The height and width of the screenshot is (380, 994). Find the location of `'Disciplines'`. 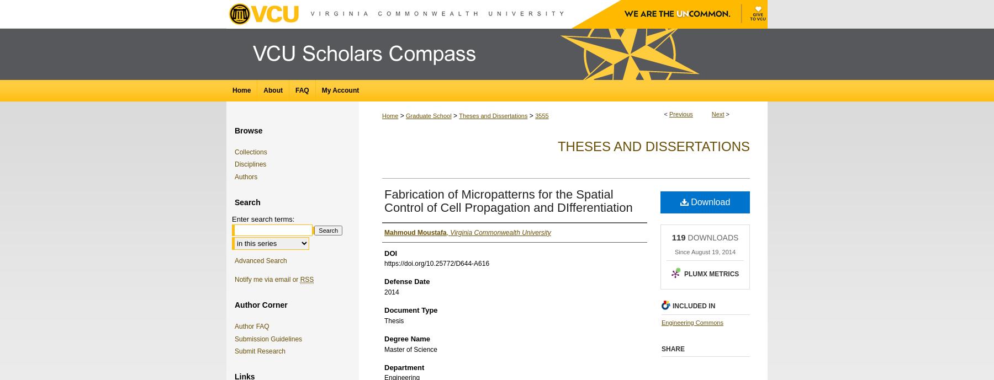

'Disciplines' is located at coordinates (250, 163).